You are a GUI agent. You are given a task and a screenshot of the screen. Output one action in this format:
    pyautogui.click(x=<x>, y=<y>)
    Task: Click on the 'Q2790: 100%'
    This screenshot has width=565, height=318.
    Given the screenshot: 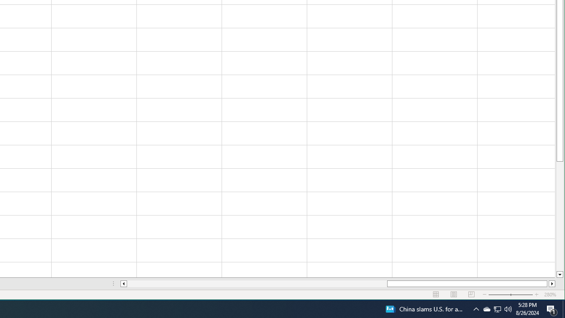 What is the action you would take?
    pyautogui.click(x=497, y=308)
    